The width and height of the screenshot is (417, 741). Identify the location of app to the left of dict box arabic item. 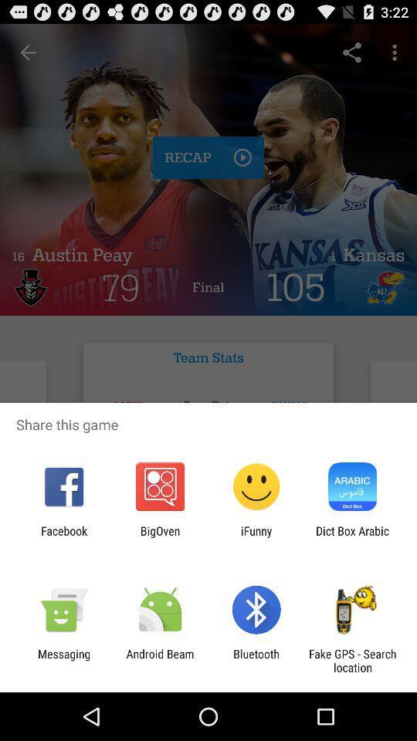
(256, 537).